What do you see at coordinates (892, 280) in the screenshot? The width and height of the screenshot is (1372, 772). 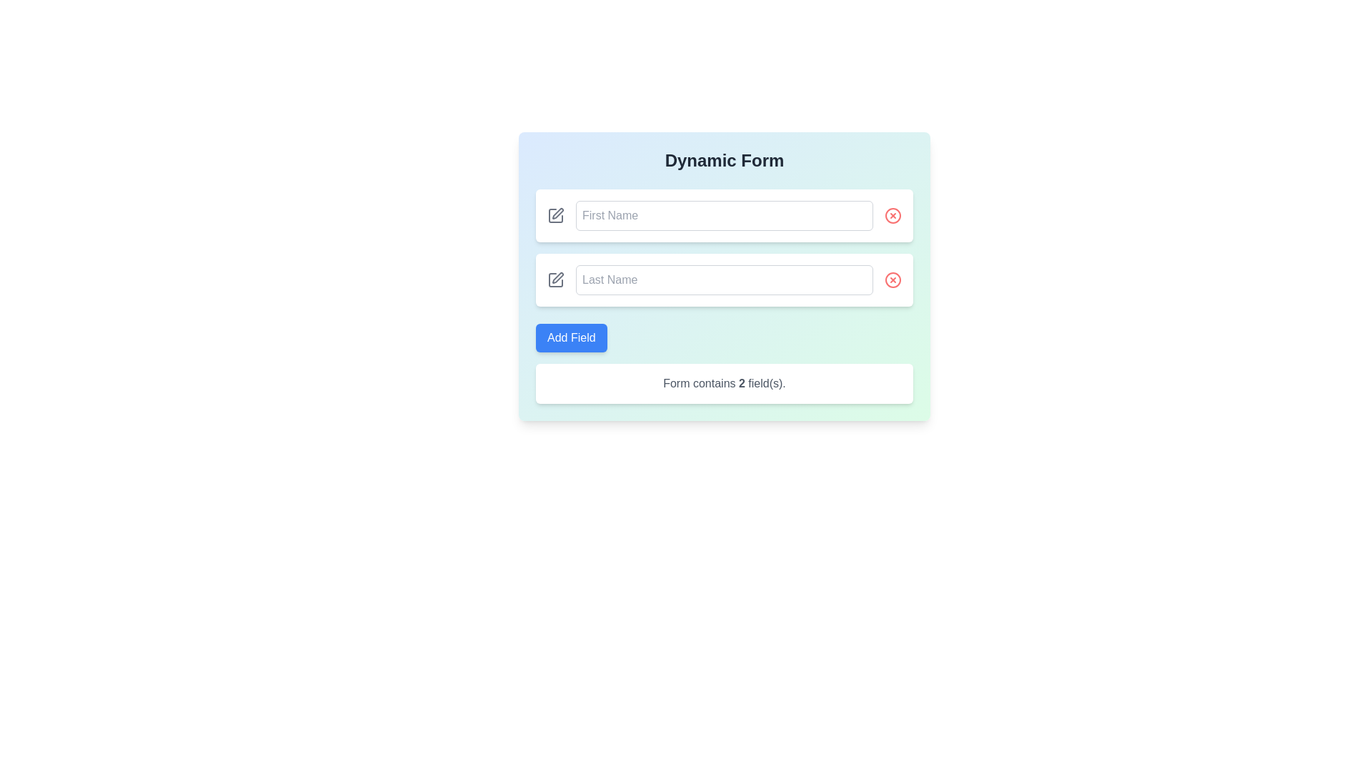 I see `the clear button located to the right of the 'Last Name' input field to observe any hover effects` at bounding box center [892, 280].